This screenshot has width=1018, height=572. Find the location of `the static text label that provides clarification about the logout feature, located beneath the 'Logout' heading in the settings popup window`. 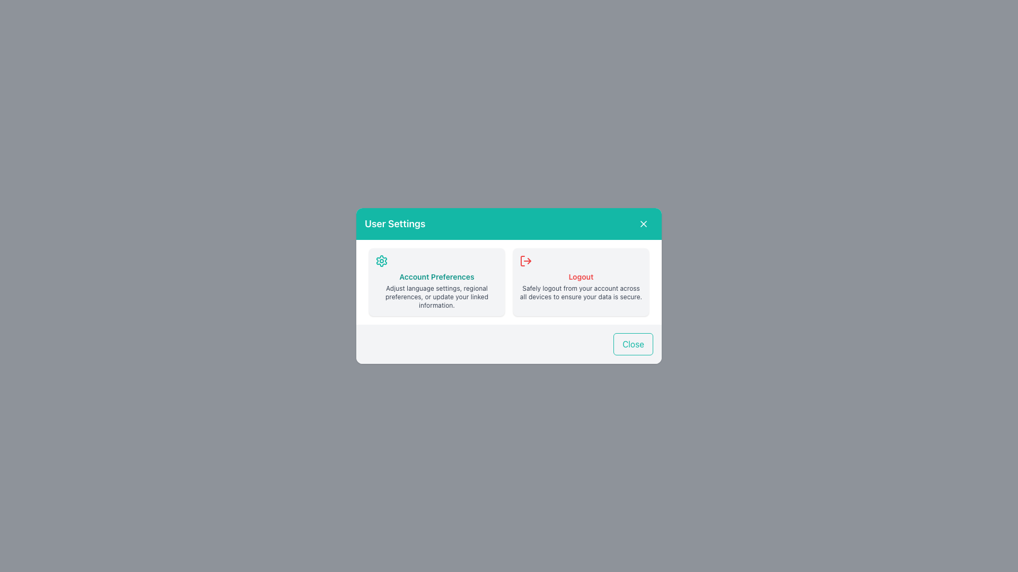

the static text label that provides clarification about the logout feature, located beneath the 'Logout' heading in the settings popup window is located at coordinates (580, 292).